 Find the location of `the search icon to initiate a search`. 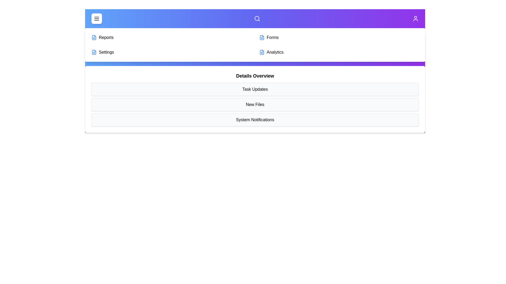

the search icon to initiate a search is located at coordinates (257, 18).